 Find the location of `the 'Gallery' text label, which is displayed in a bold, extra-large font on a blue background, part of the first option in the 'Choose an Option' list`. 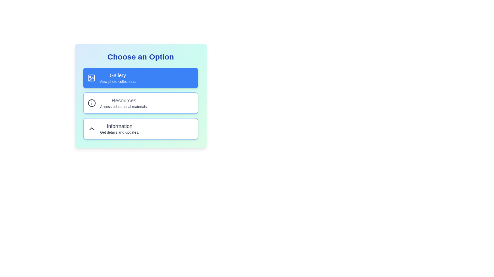

the 'Gallery' text label, which is displayed in a bold, extra-large font on a blue background, part of the first option in the 'Choose an Option' list is located at coordinates (118, 75).